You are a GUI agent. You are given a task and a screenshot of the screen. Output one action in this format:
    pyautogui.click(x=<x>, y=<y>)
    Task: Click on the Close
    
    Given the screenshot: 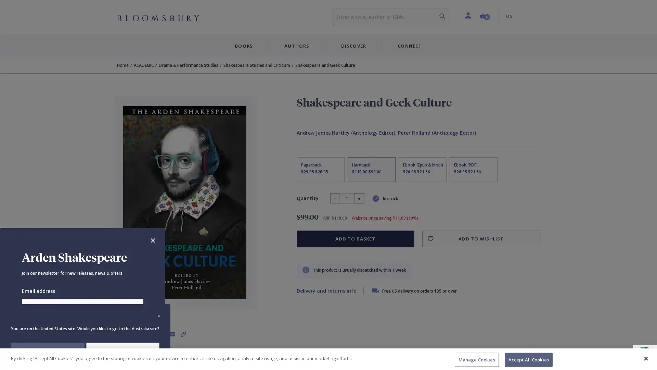 What is the action you would take?
    pyautogui.click(x=152, y=240)
    